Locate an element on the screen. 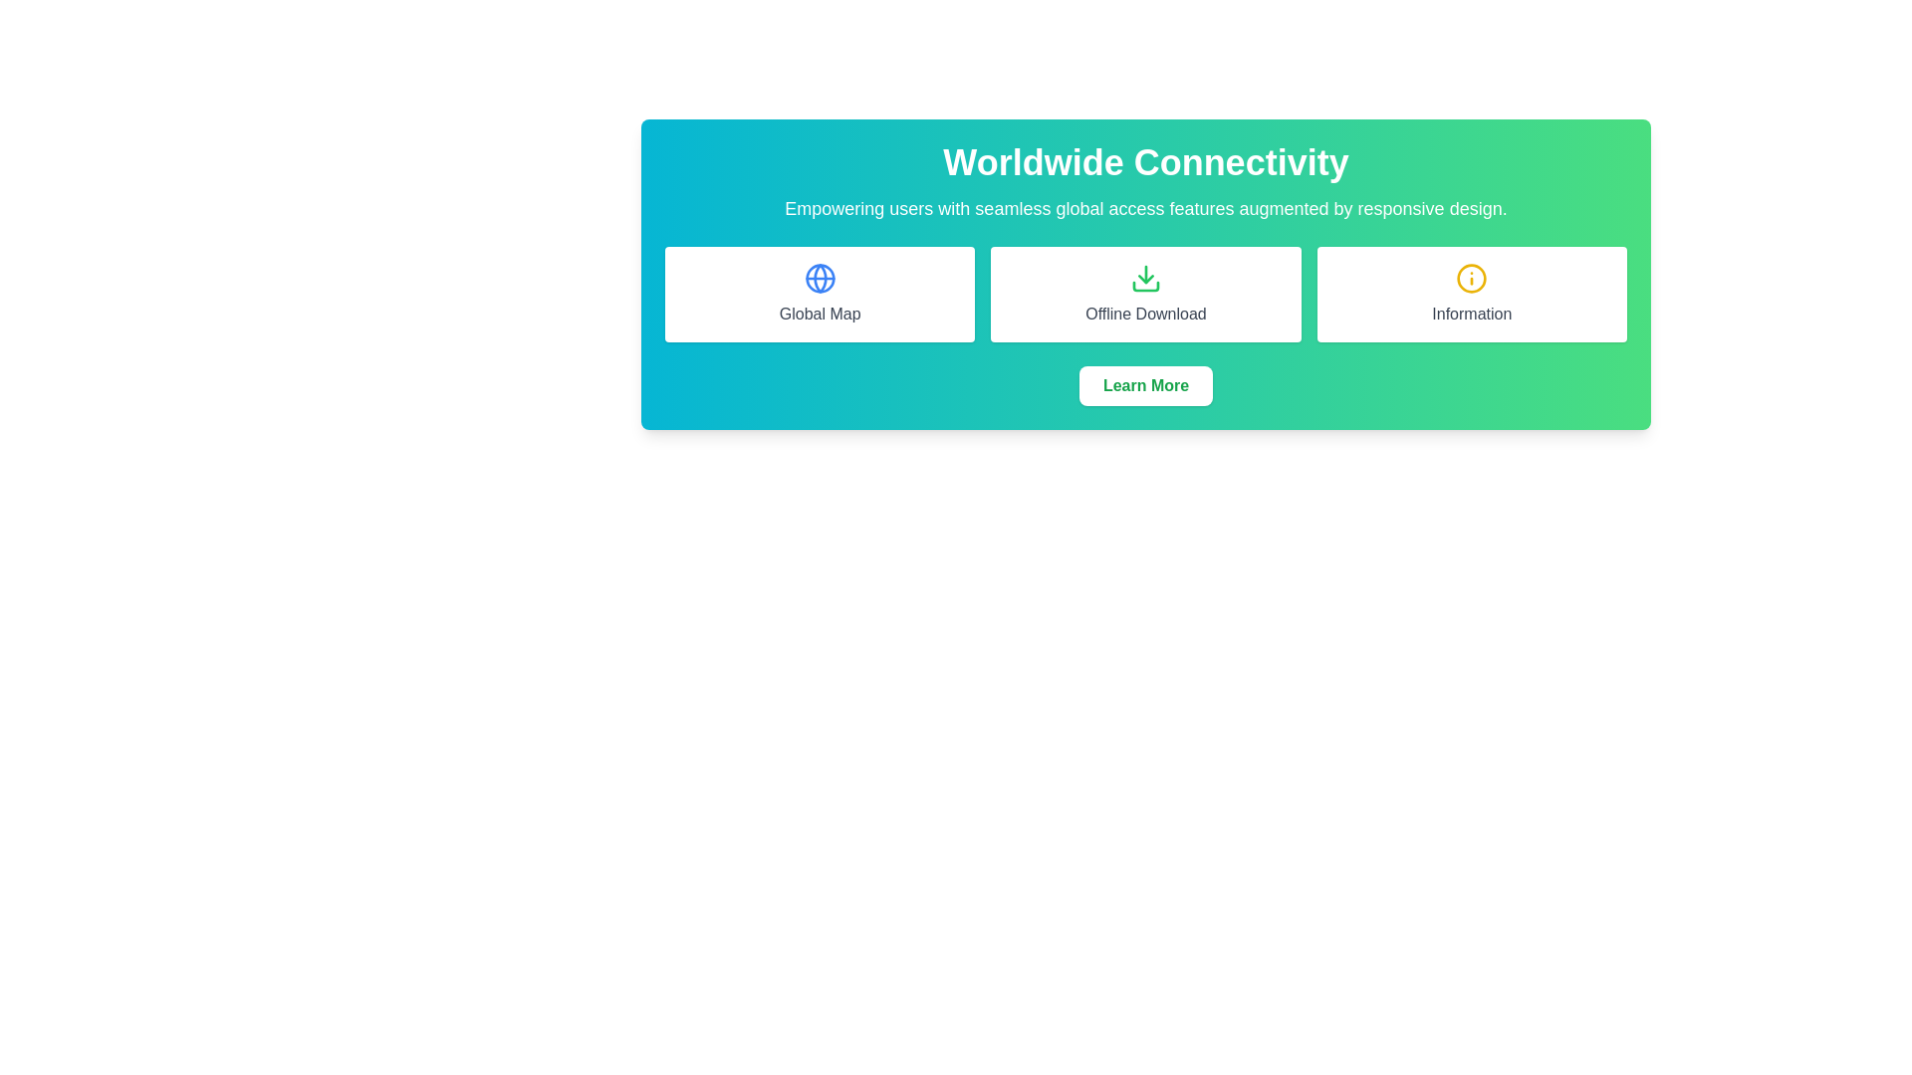 The height and width of the screenshot is (1075, 1912). the white button labeled 'Learn More' to trigger the background color change effect is located at coordinates (1146, 386).